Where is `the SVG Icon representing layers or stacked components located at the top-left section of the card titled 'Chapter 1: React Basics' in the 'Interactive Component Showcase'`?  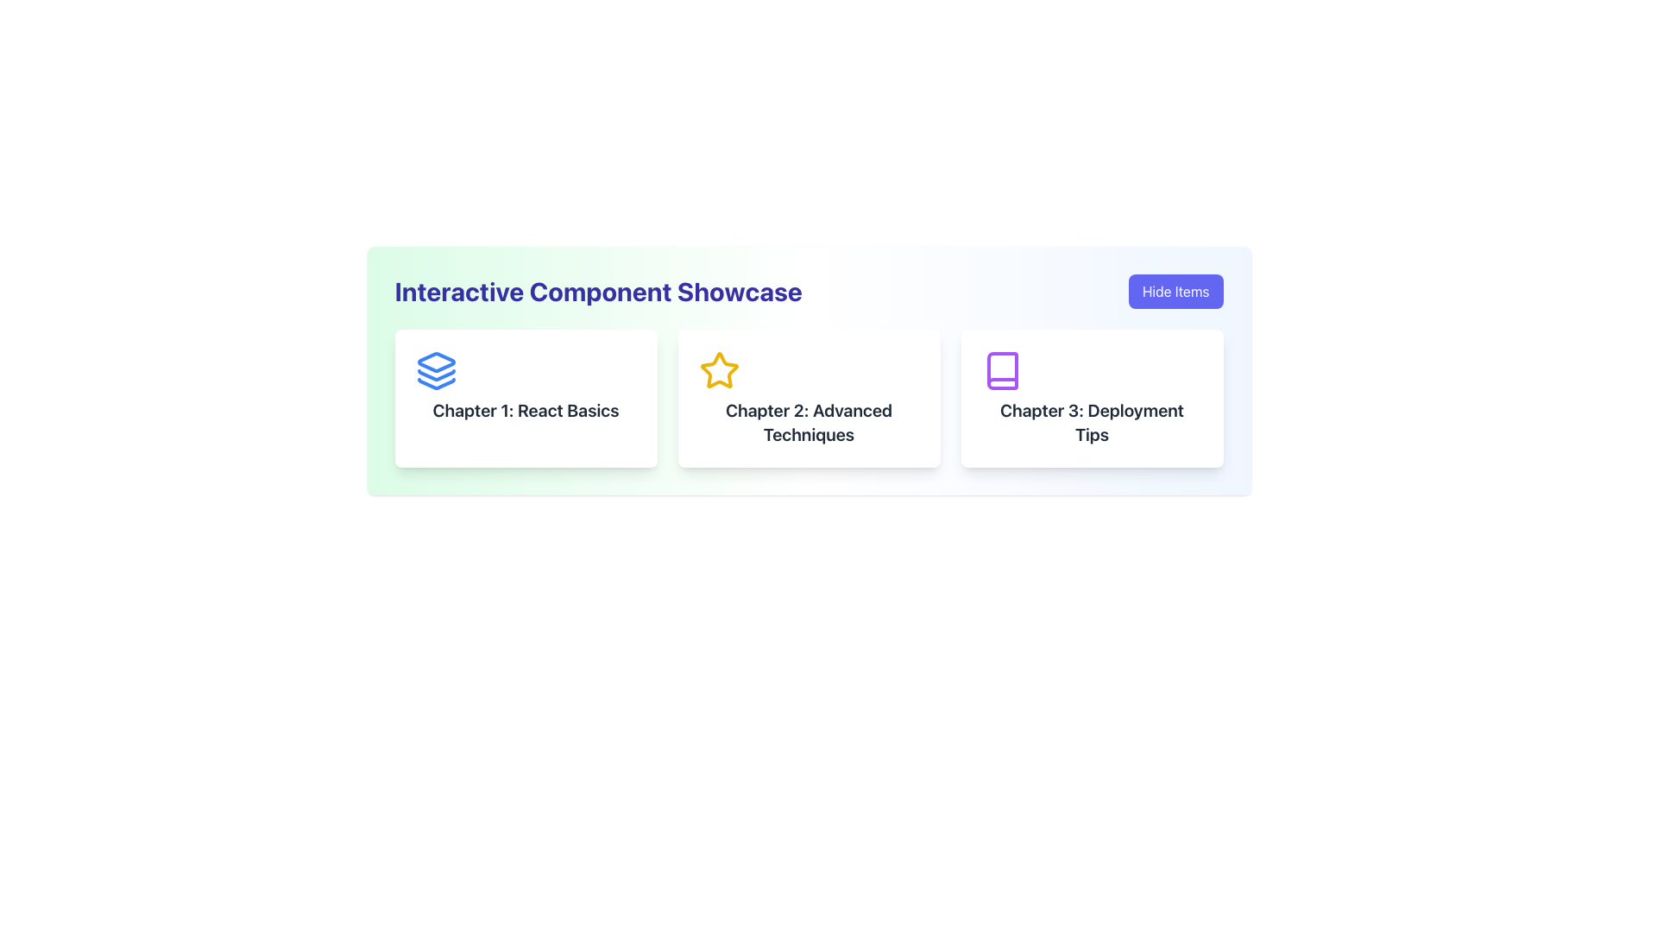 the SVG Icon representing layers or stacked components located at the top-left section of the card titled 'Chapter 1: React Basics' in the 'Interactive Component Showcase' is located at coordinates (436, 369).